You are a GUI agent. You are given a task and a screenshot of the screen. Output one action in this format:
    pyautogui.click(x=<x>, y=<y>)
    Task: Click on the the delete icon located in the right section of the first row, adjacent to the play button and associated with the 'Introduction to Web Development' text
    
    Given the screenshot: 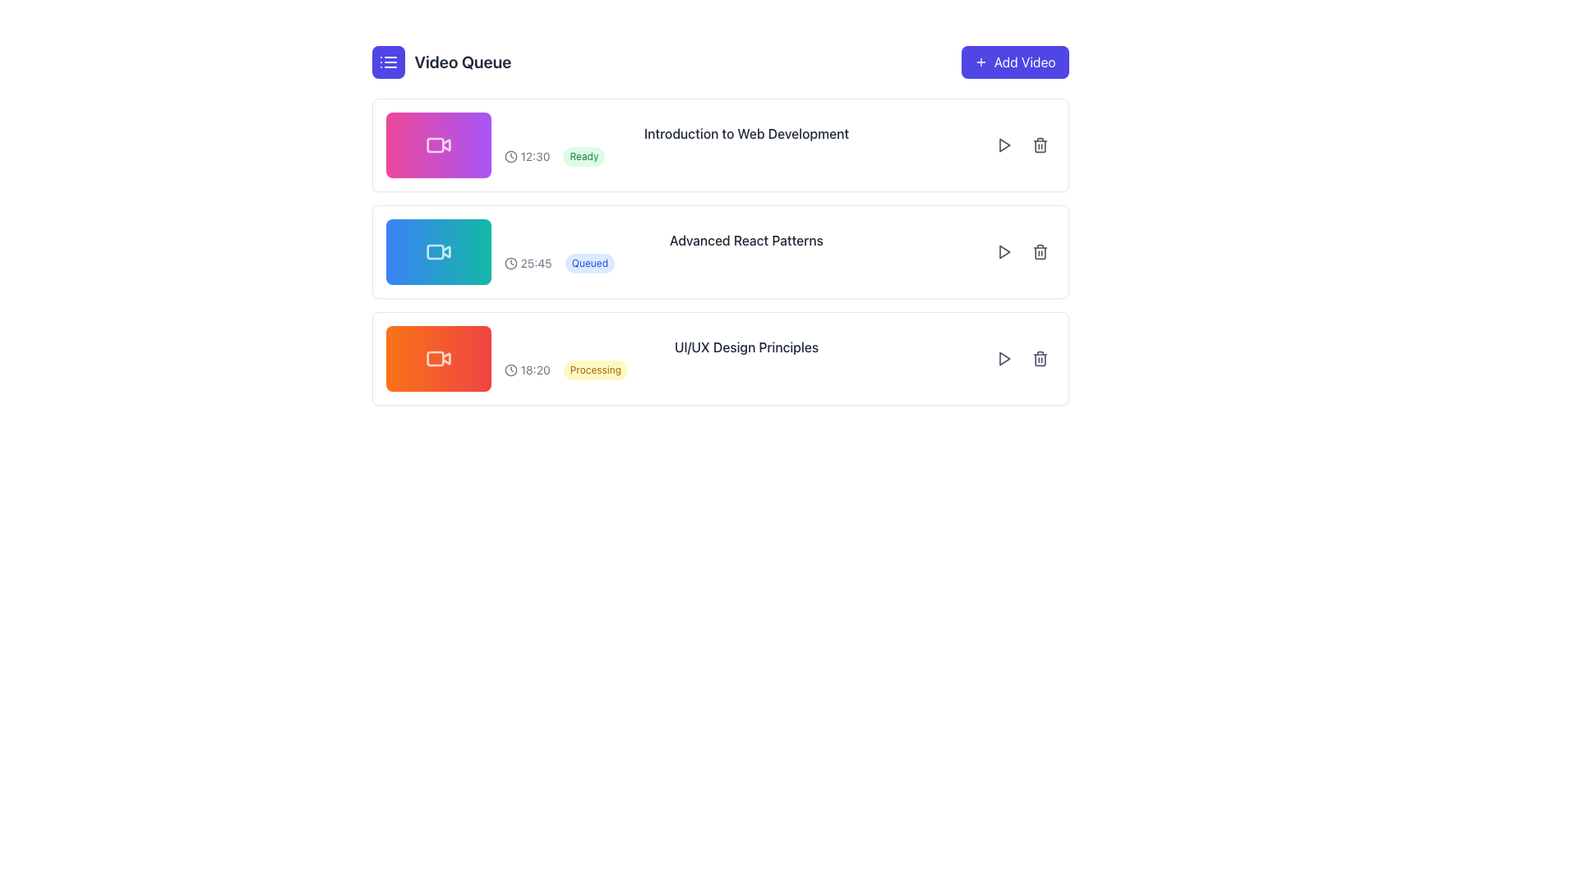 What is the action you would take?
    pyautogui.click(x=1039, y=145)
    